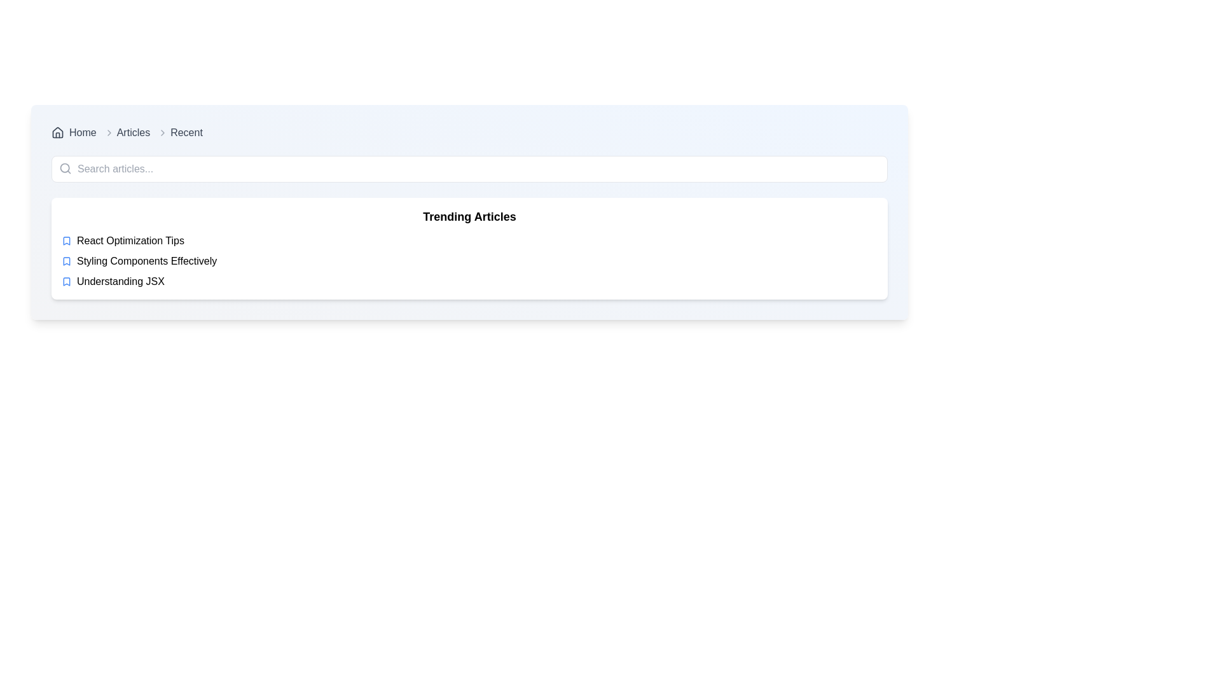 The image size is (1221, 687). I want to click on the 'Recent' breadcrumb link, which is the last item in the breadcrumb navigation bar, indicated by the right-pointing arrow icon preceding it, so click(178, 132).